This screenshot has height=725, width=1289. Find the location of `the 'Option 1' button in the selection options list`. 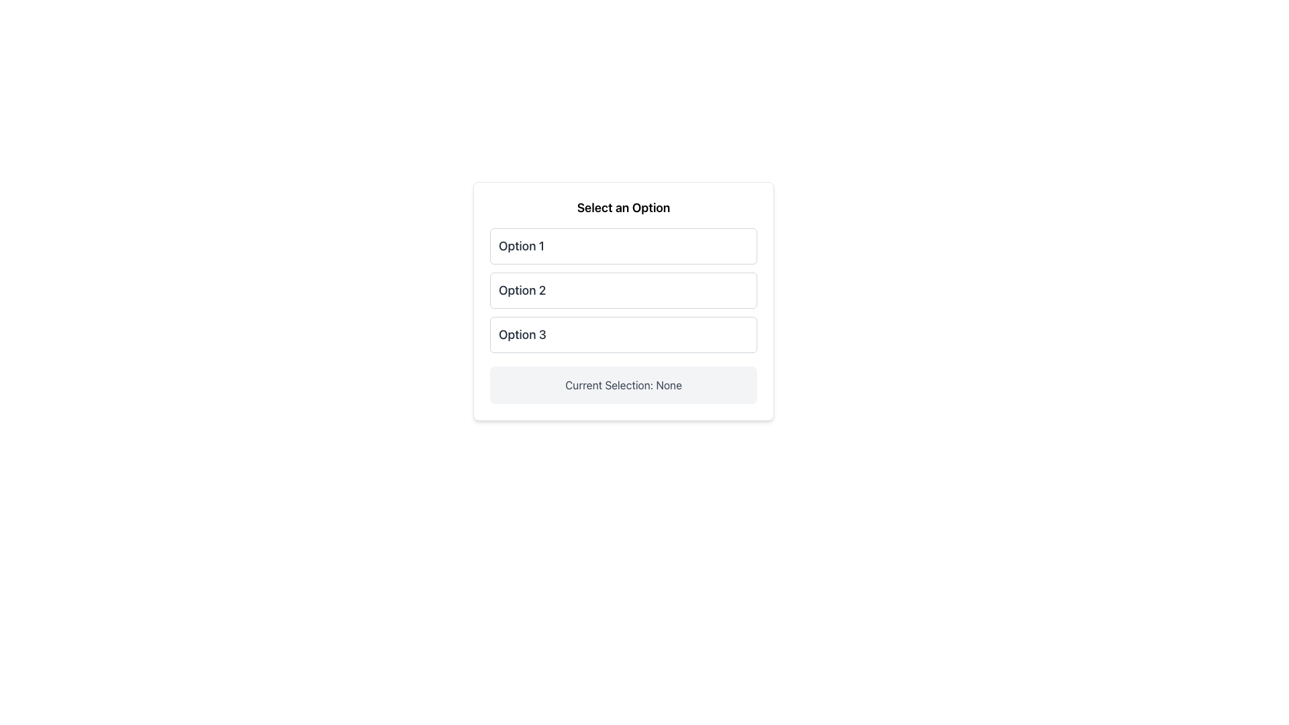

the 'Option 1' button in the selection options list is located at coordinates (623, 246).